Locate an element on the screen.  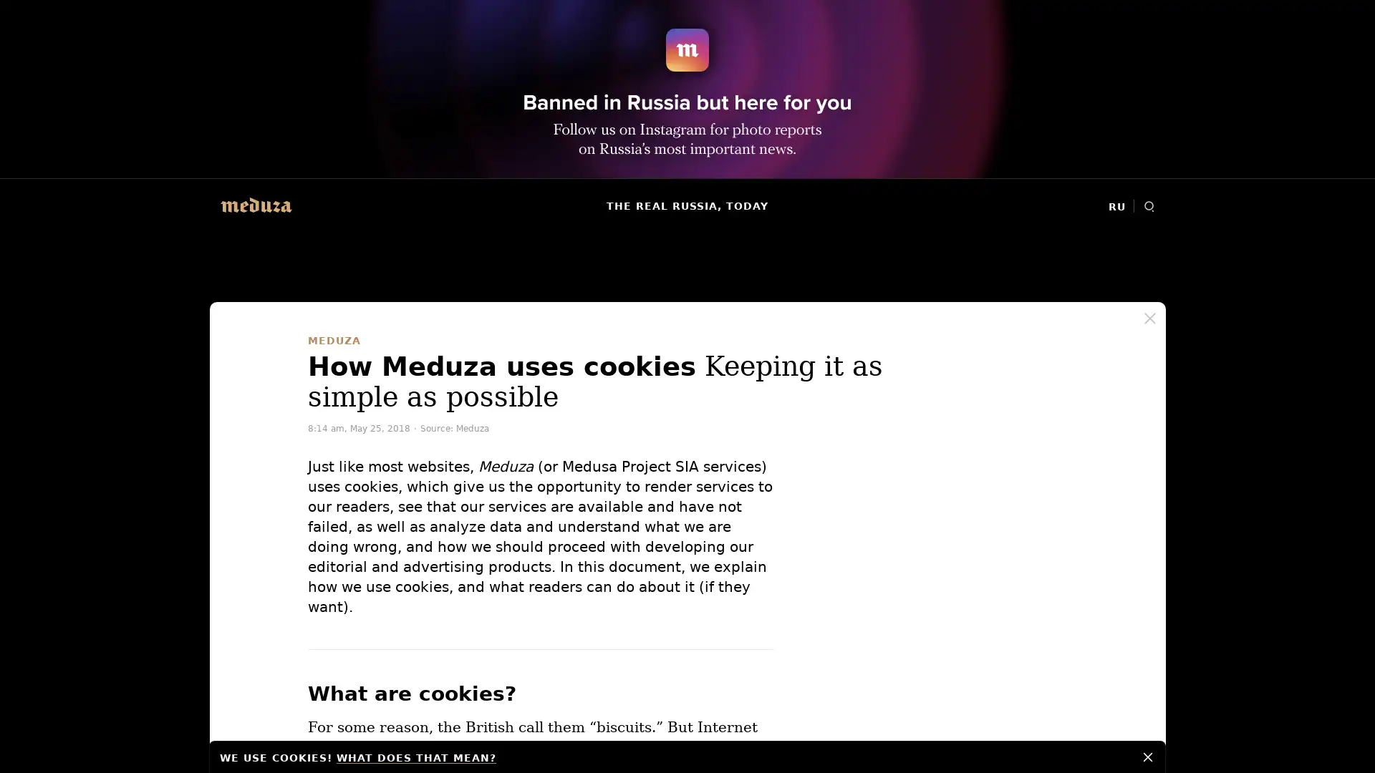
Search is located at coordinates (1149, 206).